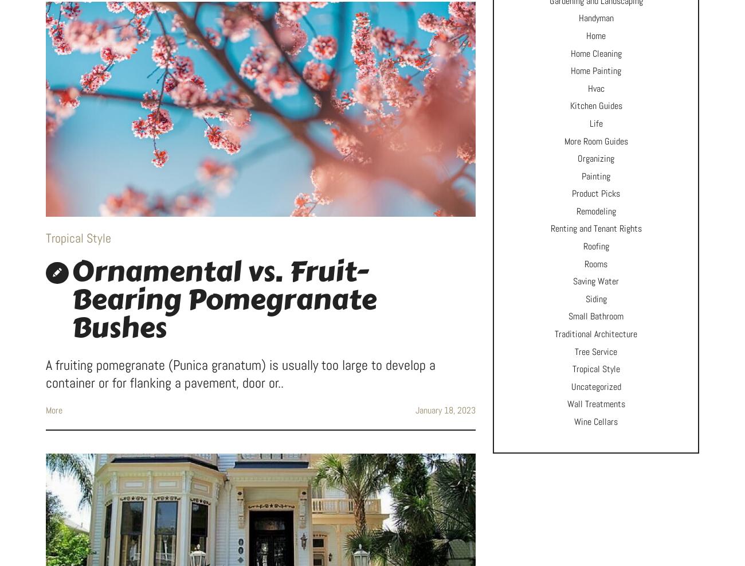  What do you see at coordinates (595, 404) in the screenshot?
I see `'Wall Treatments'` at bounding box center [595, 404].